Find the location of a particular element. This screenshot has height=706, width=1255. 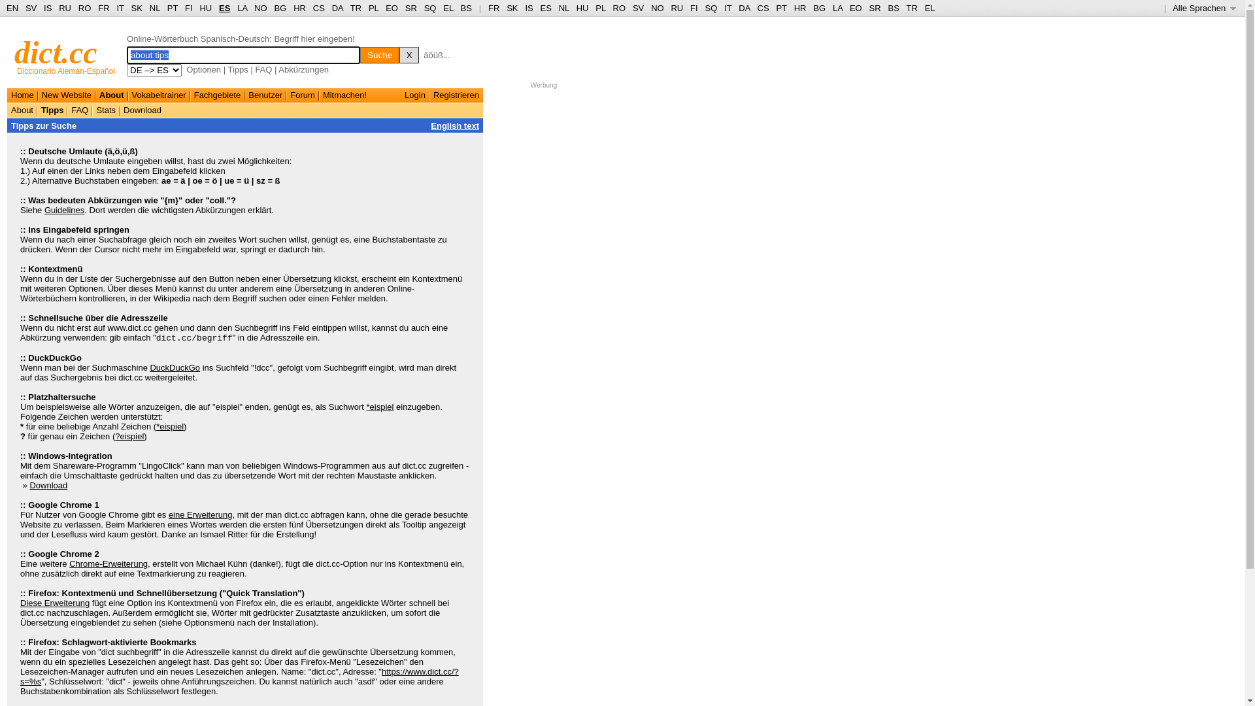

'SQ' is located at coordinates (430, 8).